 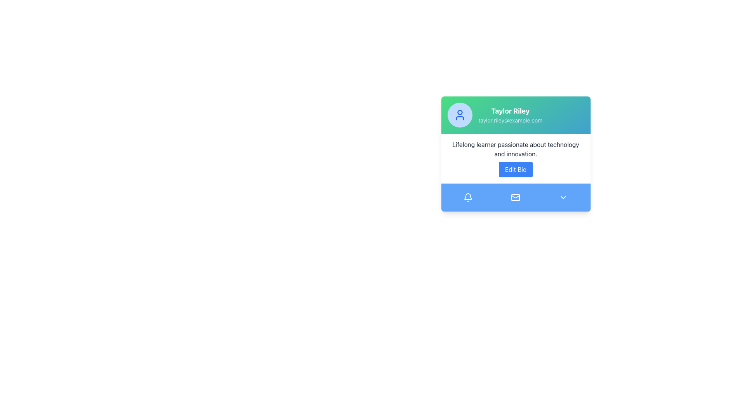 What do you see at coordinates (460, 115) in the screenshot?
I see `the user icon, which is styled as a solid blue outline of a person within a circular button that has a light blue background, located at the top-left corner of the card interface` at bounding box center [460, 115].